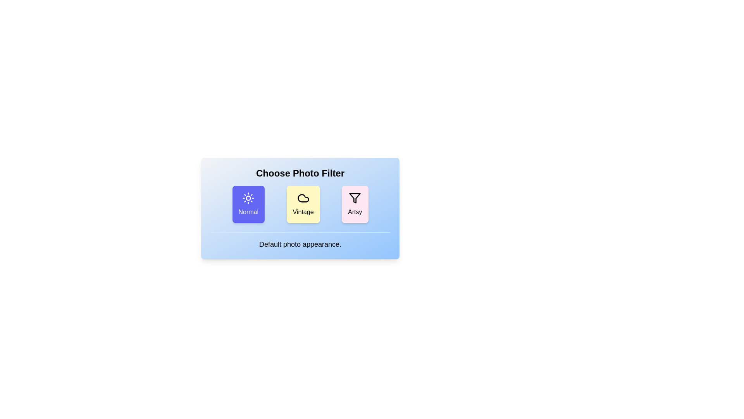  I want to click on the filter button labeled Normal, so click(248, 204).